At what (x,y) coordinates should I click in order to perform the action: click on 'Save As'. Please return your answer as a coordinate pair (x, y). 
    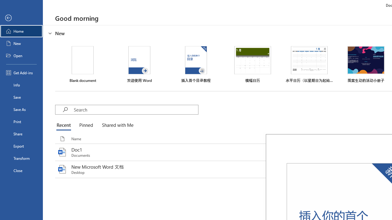
    Looking at the image, I should click on (21, 109).